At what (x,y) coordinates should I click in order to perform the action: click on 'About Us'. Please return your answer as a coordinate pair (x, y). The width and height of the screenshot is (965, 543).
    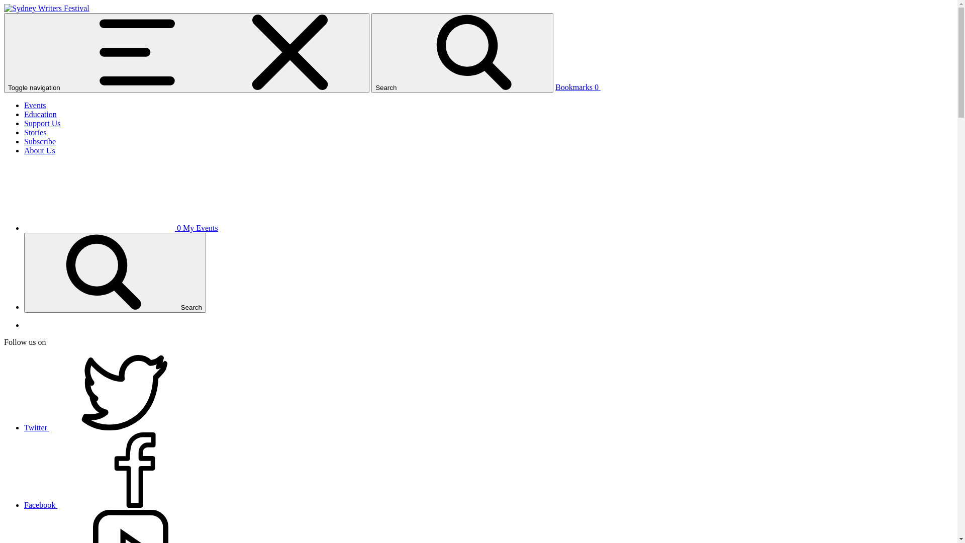
    Looking at the image, I should click on (39, 150).